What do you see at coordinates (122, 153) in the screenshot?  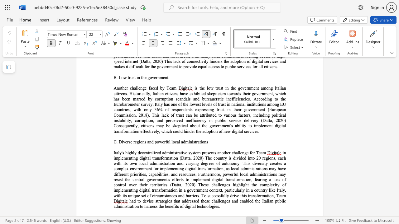 I see `the subset text "'s highly decentralized administrative system presents another challe" within the text "Italy"` at bounding box center [122, 153].